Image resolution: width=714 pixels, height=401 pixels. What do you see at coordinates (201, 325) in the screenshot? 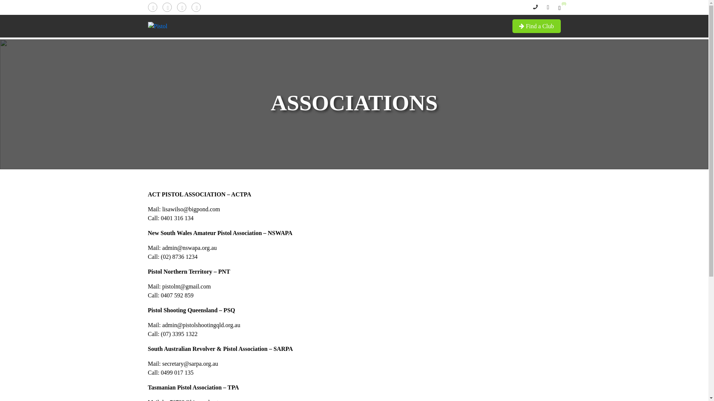
I see `'admin@pistolshootingqld.org.au'` at bounding box center [201, 325].